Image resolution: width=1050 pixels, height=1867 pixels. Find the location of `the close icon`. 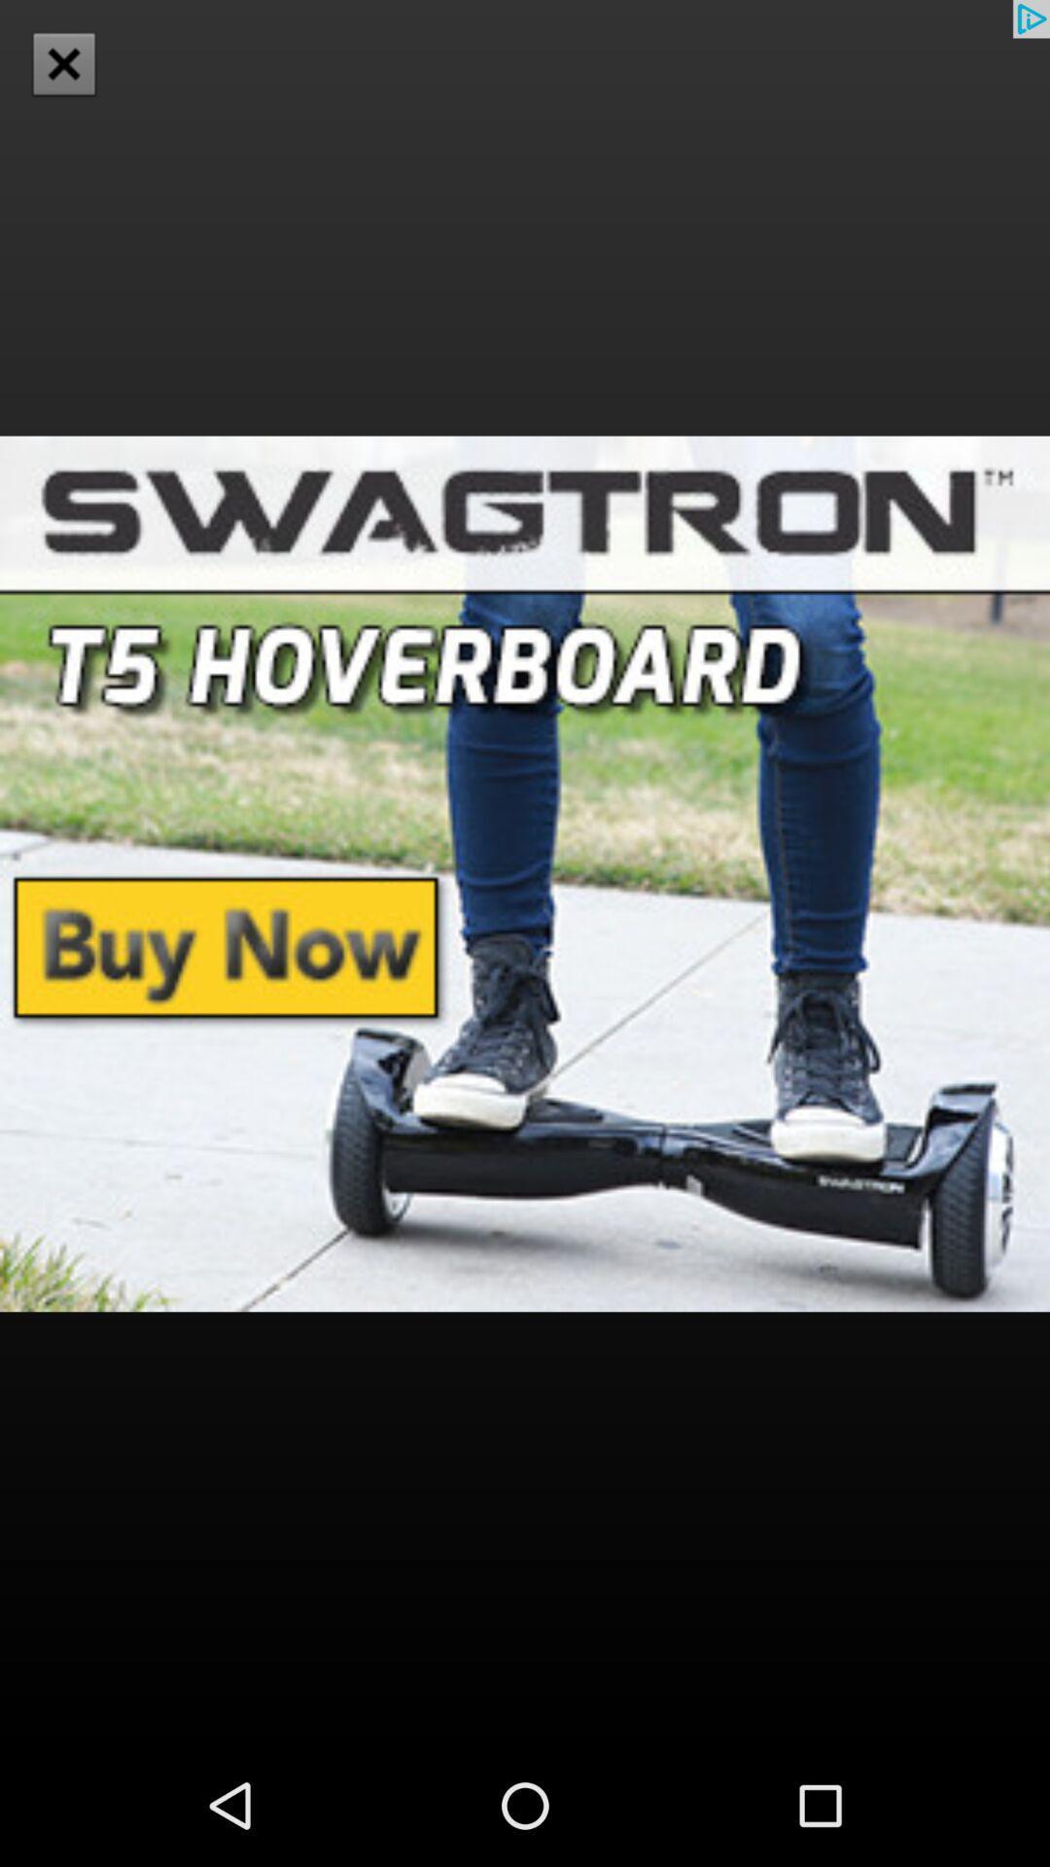

the close icon is located at coordinates (62, 68).